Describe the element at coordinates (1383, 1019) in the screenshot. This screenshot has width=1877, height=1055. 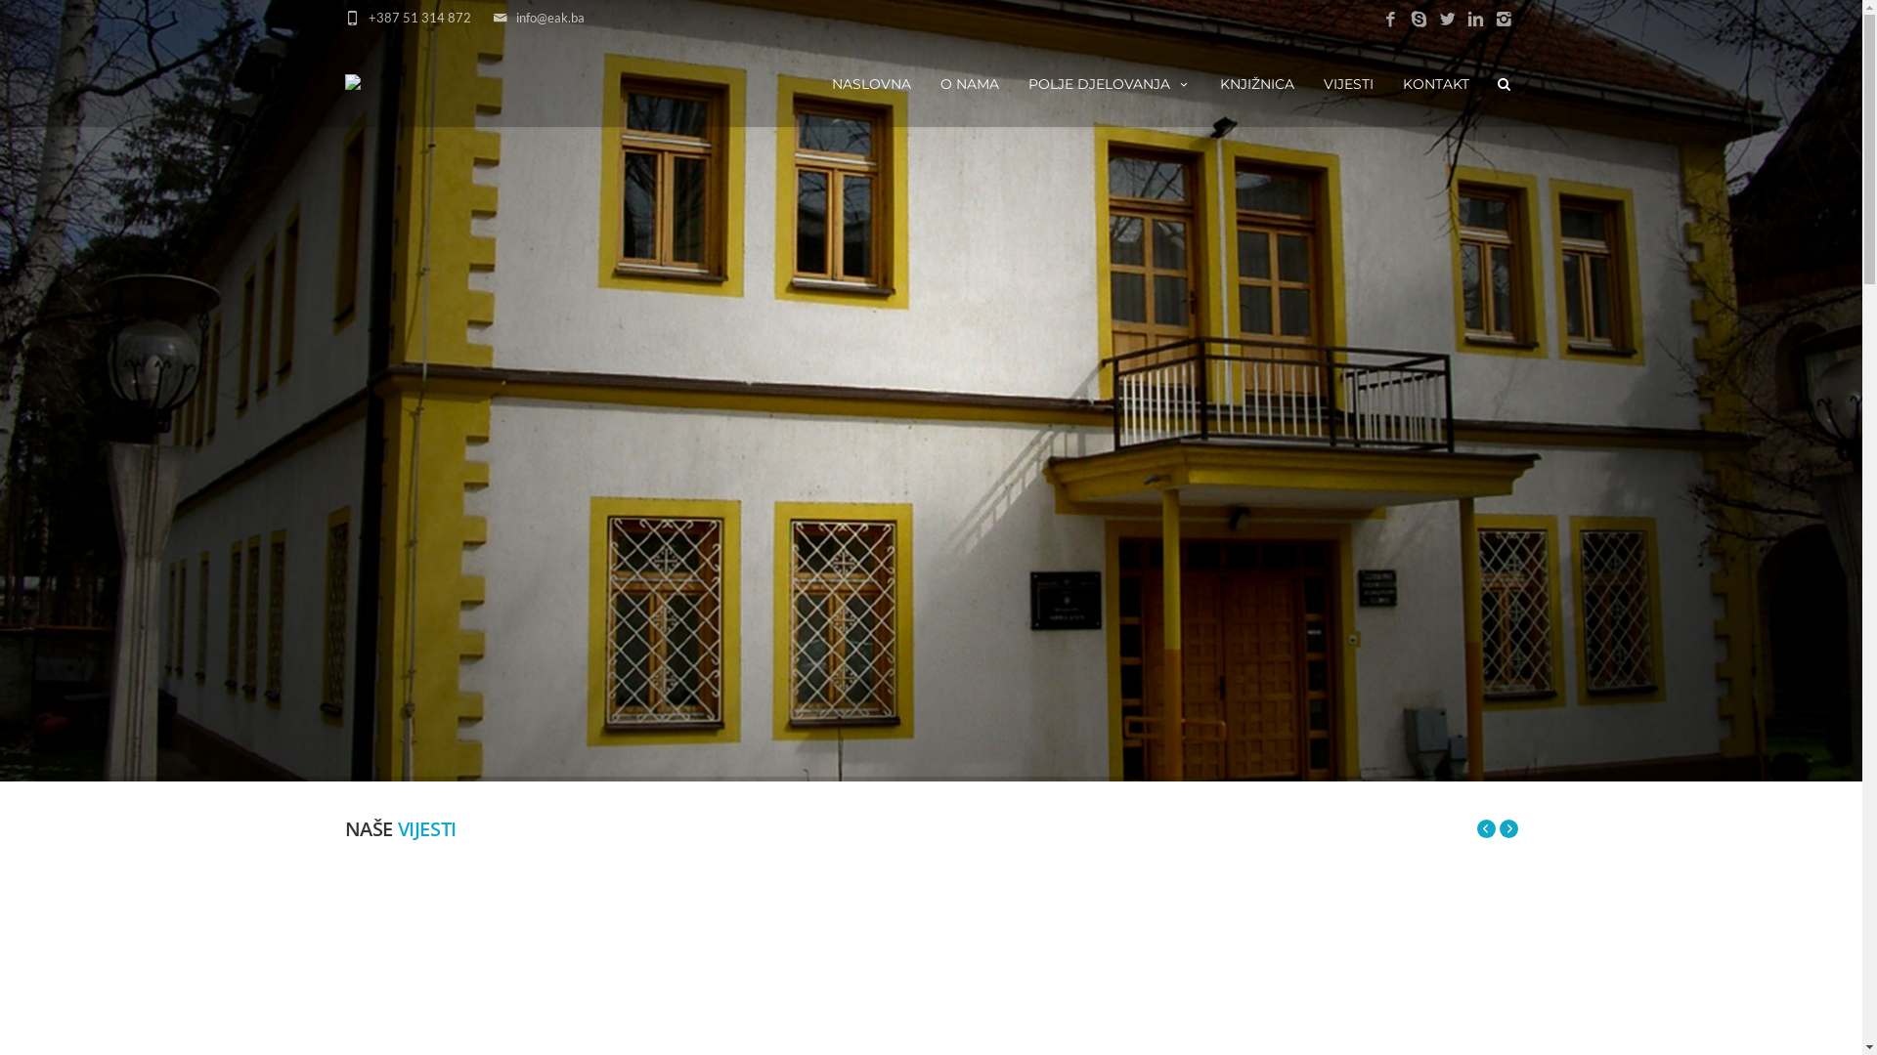
I see `'Pinterest'` at that location.